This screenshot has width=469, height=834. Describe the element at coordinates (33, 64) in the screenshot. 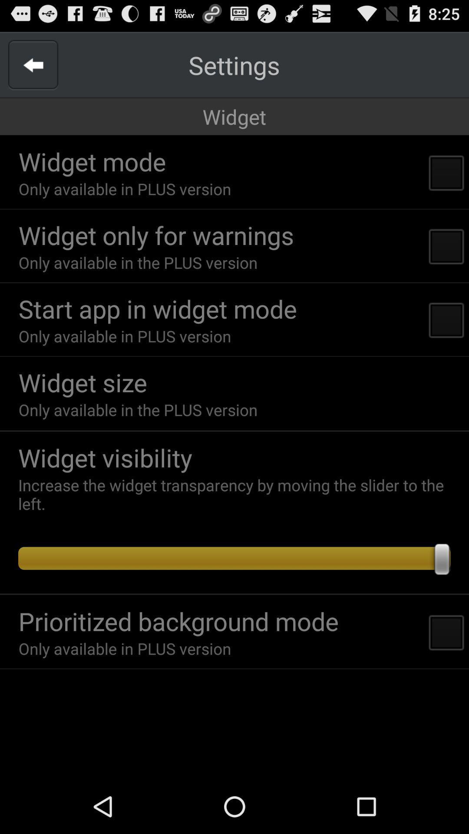

I see `item above widget` at that location.